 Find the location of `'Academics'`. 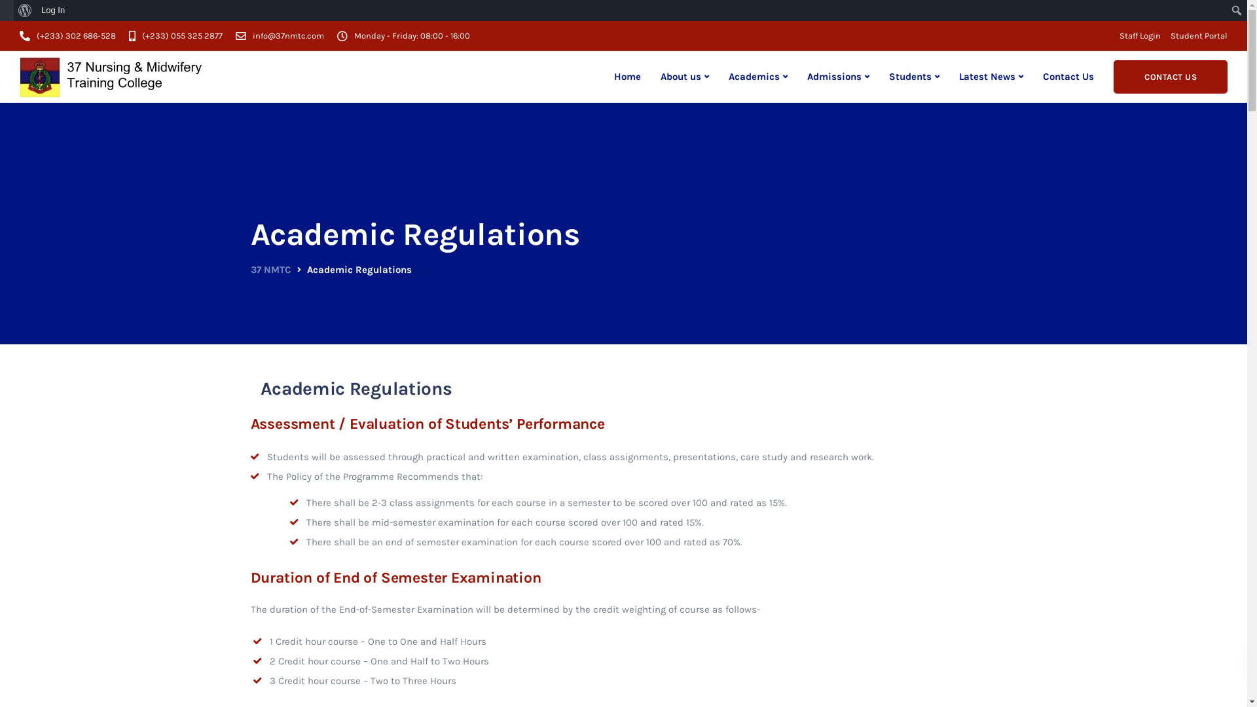

'Academics' is located at coordinates (757, 77).